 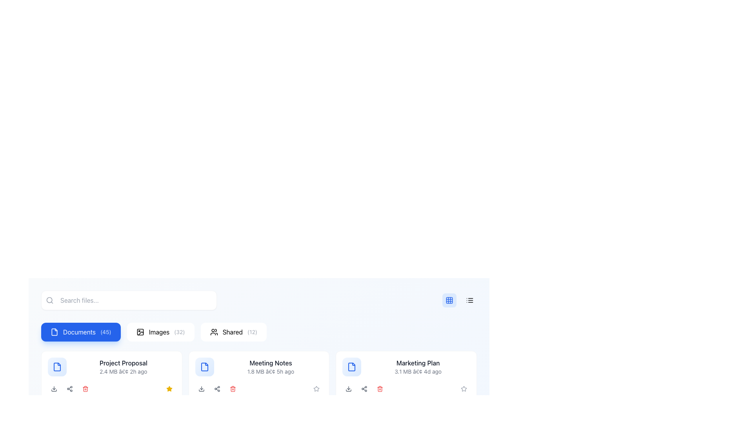 I want to click on the file detail card for 'Project Proposal' located, so click(x=111, y=367).